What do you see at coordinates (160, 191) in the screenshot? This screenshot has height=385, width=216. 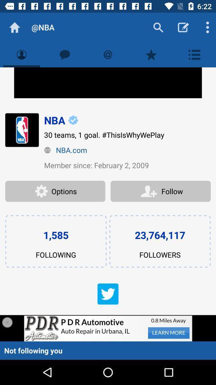 I see `follow option` at bounding box center [160, 191].